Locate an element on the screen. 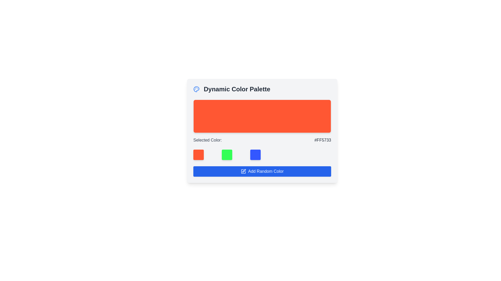 Image resolution: width=501 pixels, height=281 pixels. the pencil icon on the notepad with a blue background located on the left side of the 'Add Random Color' button at the bottom center of the interface is located at coordinates (243, 171).